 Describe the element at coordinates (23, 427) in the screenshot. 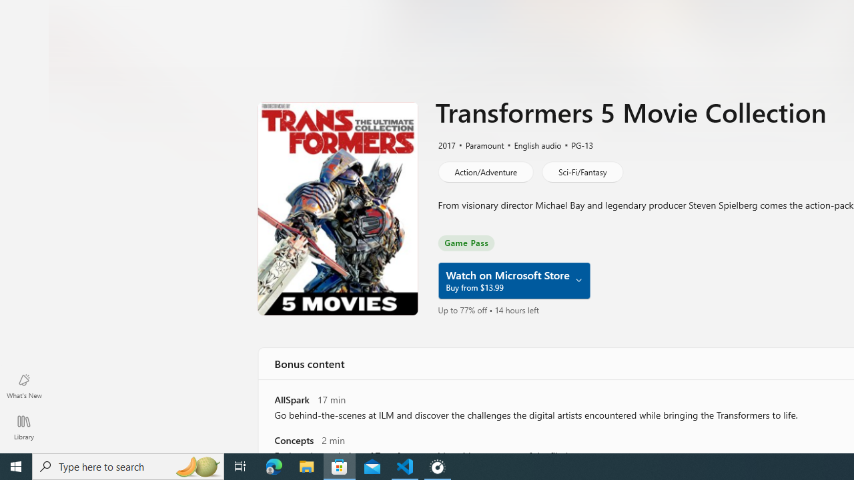

I see `'Library'` at that location.